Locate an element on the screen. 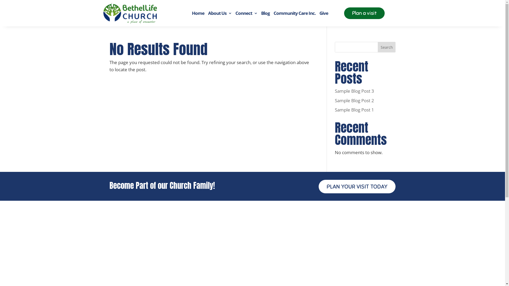 This screenshot has height=286, width=509. 'Home' is located at coordinates (192, 13).